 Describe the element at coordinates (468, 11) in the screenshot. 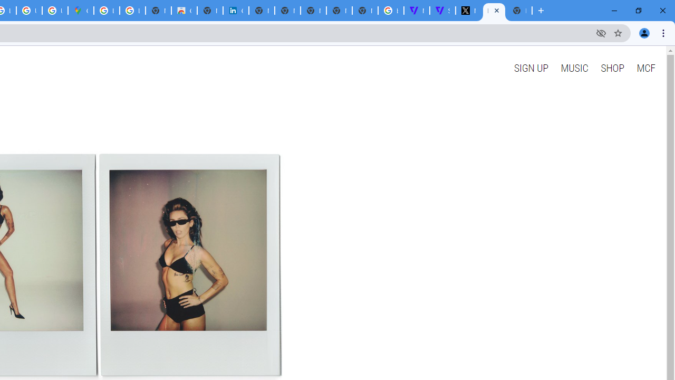

I see `'Miley Cyrus (@MileyCyrus) / X'` at that location.